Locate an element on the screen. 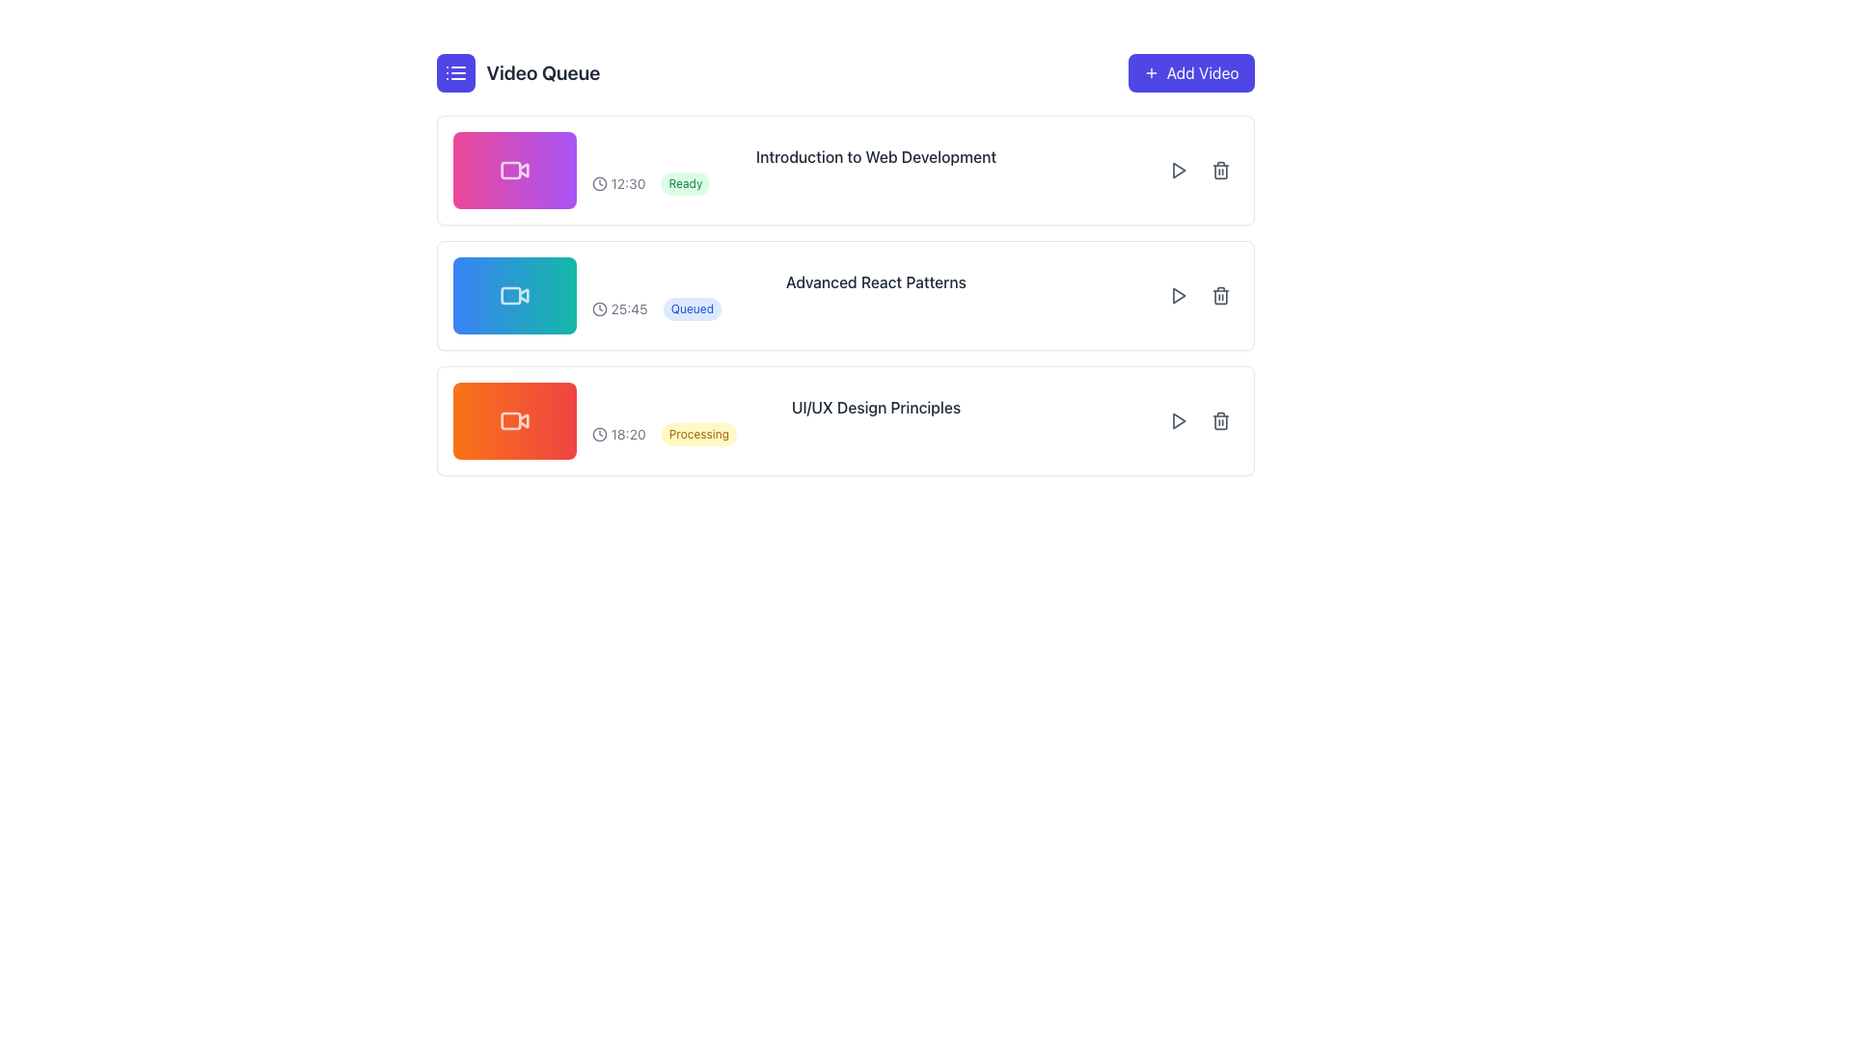  the button labeled 'Add Video' which has bold white text on a purple rounded rectangular background is located at coordinates (1202, 72).